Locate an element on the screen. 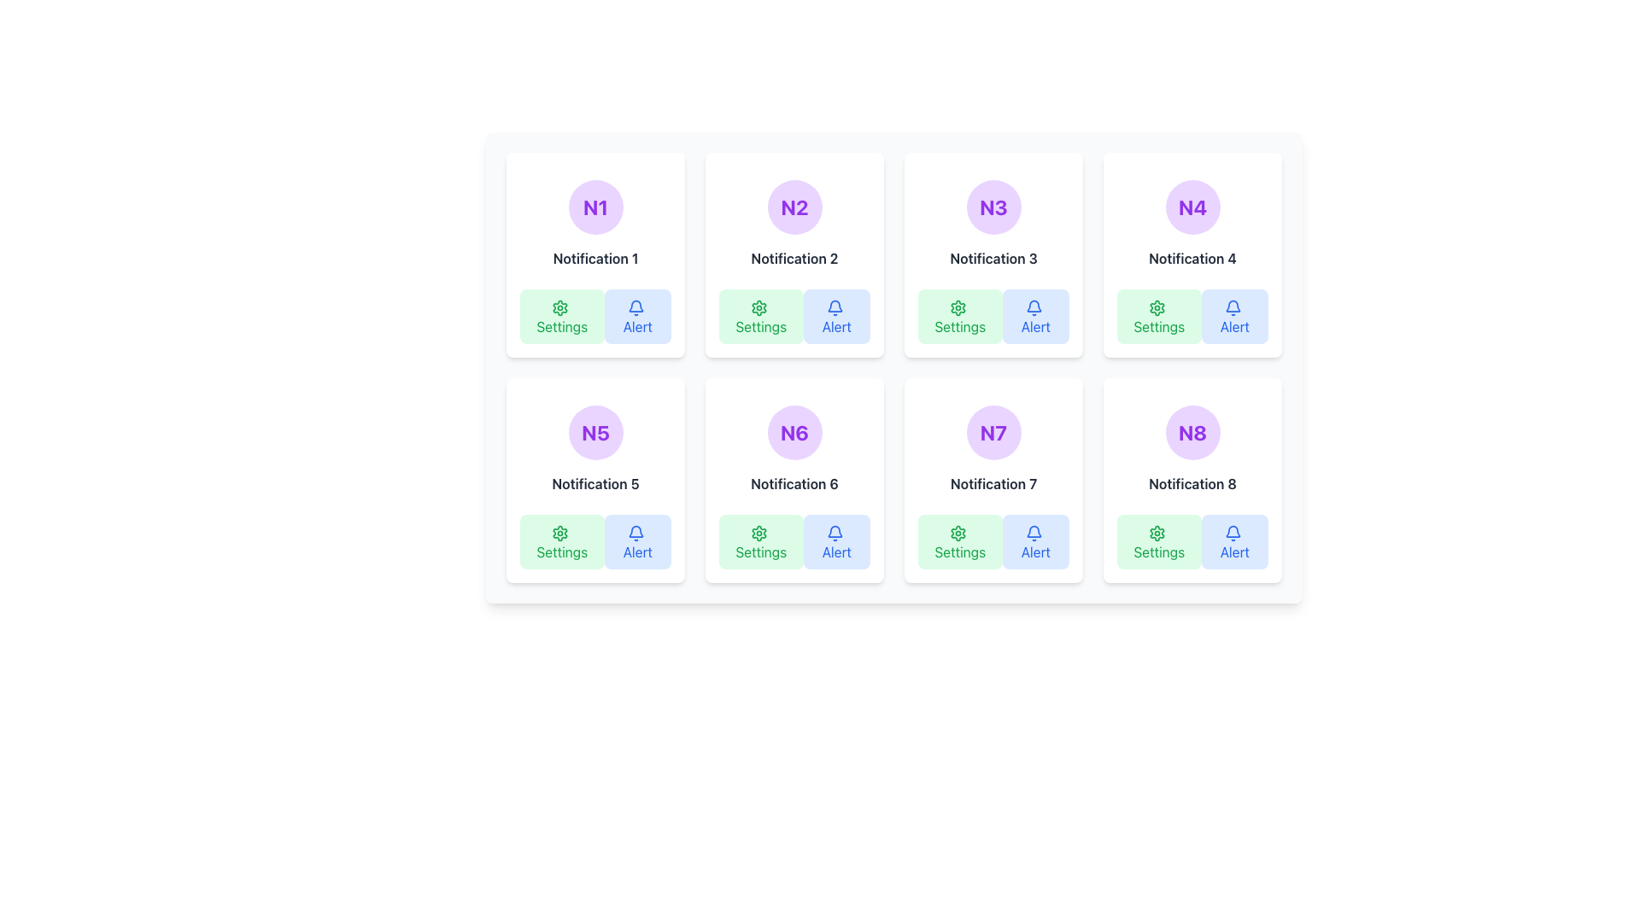 The width and height of the screenshot is (1640, 922). the settings button located under 'Notification 6', which is the first button in the second row of the button group at the bottom of the notification block is located at coordinates (760, 542).